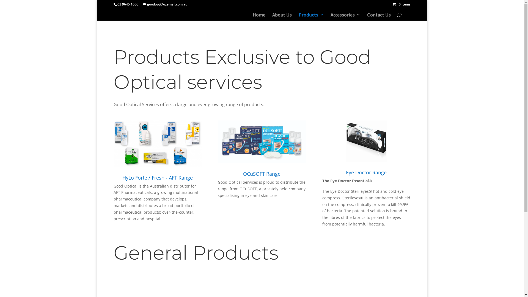  What do you see at coordinates (311, 16) in the screenshot?
I see `'Products'` at bounding box center [311, 16].